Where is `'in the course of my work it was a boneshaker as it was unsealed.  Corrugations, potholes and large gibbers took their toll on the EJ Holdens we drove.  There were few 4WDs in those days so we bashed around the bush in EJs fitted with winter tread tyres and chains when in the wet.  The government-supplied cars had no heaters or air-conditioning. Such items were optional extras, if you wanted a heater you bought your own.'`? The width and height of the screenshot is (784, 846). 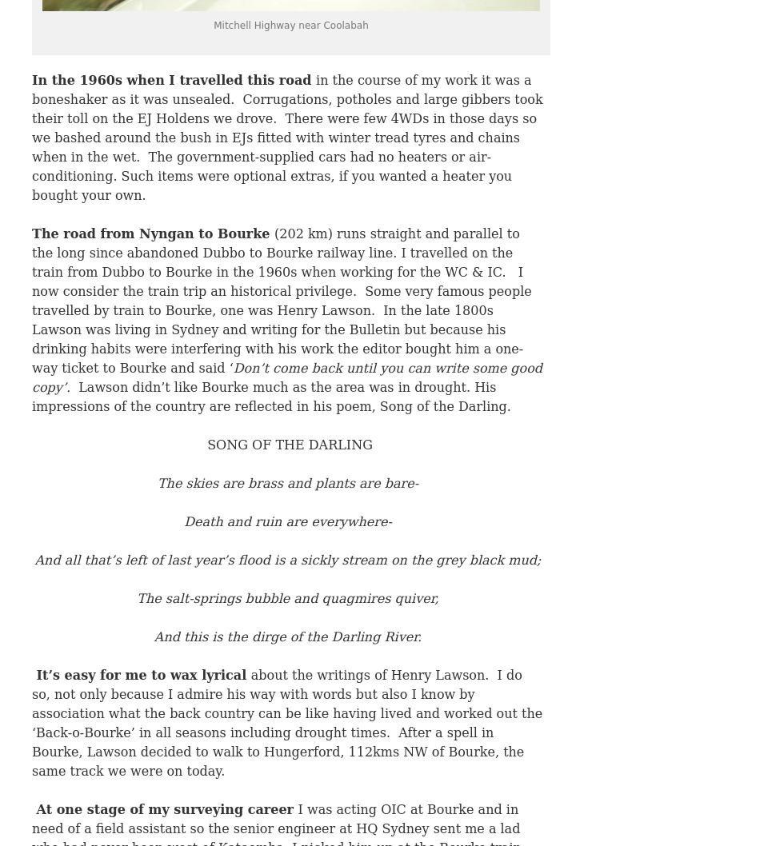 'in the course of my work it was a boneshaker as it was unsealed.  Corrugations, potholes and large gibbers took their toll on the EJ Holdens we drove.  There were few 4WDs in those days so we bashed around the bush in EJs fitted with winter tread tyres and chains when in the wet.  The government-supplied cars had no heaters or air-conditioning. Such items were optional extras, if you wanted a heater you bought your own.' is located at coordinates (286, 137).